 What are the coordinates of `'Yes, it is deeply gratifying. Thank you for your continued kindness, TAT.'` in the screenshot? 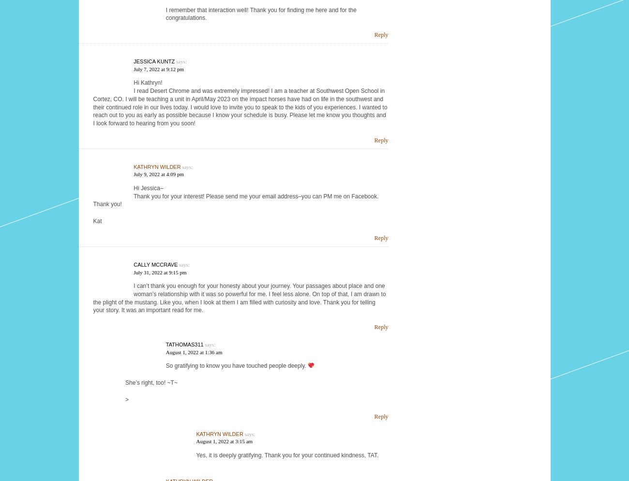 It's located at (195, 455).